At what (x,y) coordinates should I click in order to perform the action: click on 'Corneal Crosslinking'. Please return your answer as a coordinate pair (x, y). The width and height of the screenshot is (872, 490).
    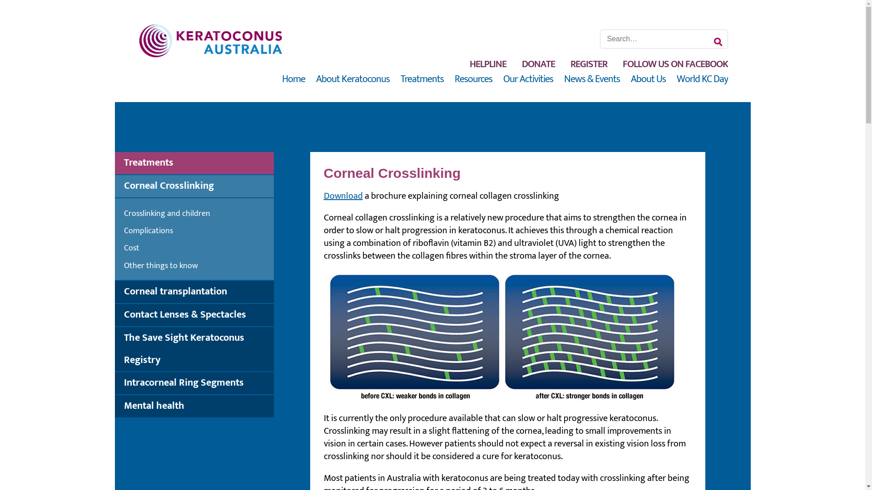
    Looking at the image, I should click on (198, 186).